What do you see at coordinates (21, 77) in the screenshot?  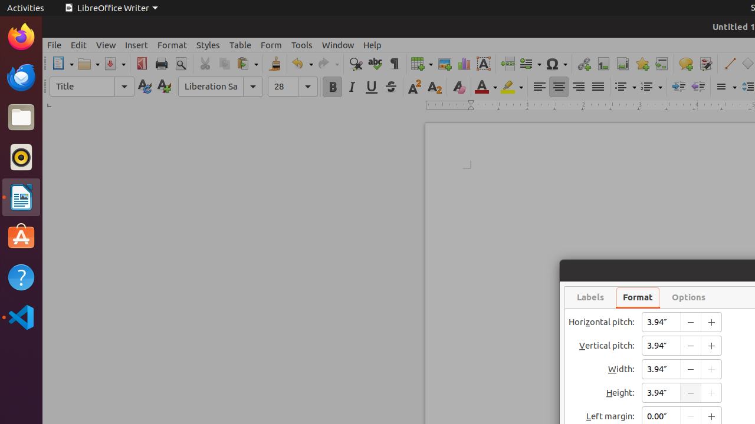 I see `'Thunderbird Mail'` at bounding box center [21, 77].